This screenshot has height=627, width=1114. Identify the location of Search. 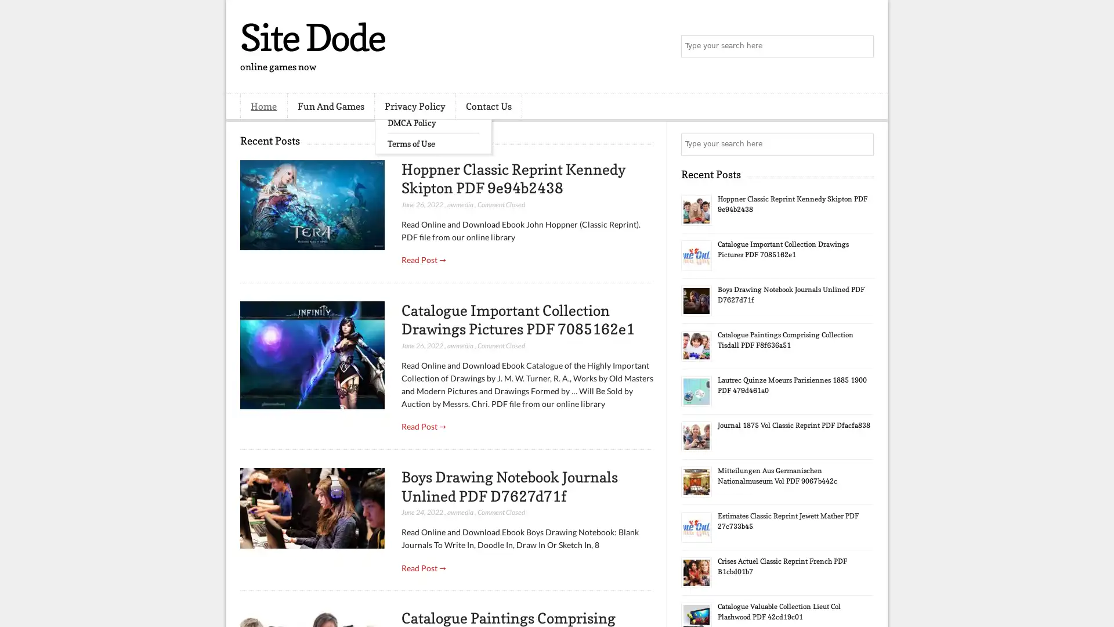
(862, 144).